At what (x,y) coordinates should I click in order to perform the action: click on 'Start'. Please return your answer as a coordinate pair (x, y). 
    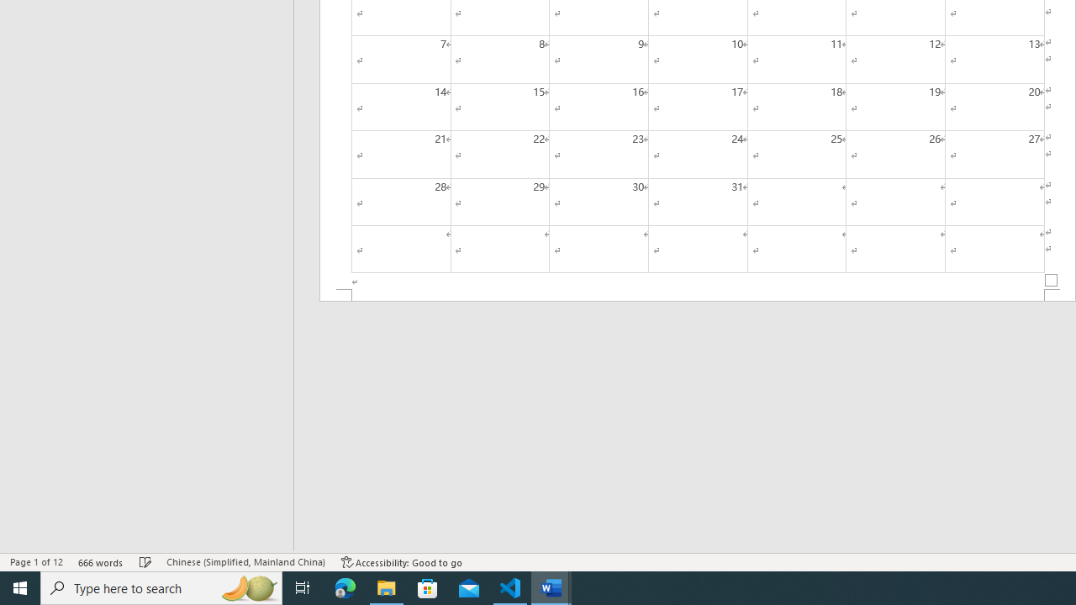
    Looking at the image, I should click on (20, 587).